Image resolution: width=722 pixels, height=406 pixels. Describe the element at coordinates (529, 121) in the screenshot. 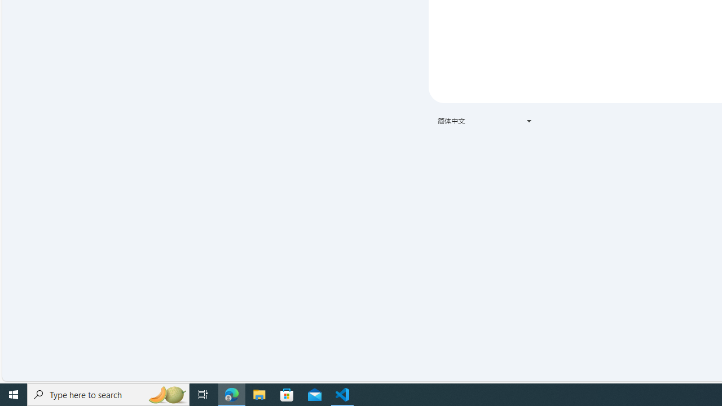

I see `'Class: VfPpkd-t08AT-Bz112c-Bd00G'` at that location.